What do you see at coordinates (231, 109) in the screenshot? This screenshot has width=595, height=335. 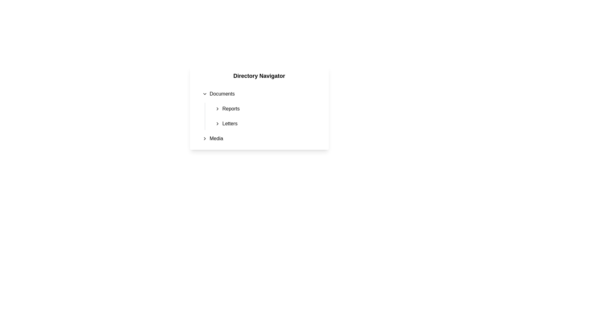 I see `the 'Reports' Text Label located within the Documents dropdown in the Directory Navigator panel, which indicates a subsection of the navigation menu` at bounding box center [231, 109].